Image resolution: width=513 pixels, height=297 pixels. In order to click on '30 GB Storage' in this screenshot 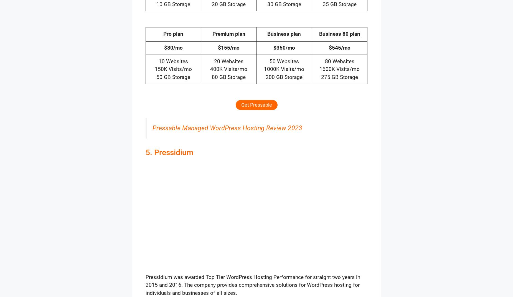, I will do `click(283, 4)`.